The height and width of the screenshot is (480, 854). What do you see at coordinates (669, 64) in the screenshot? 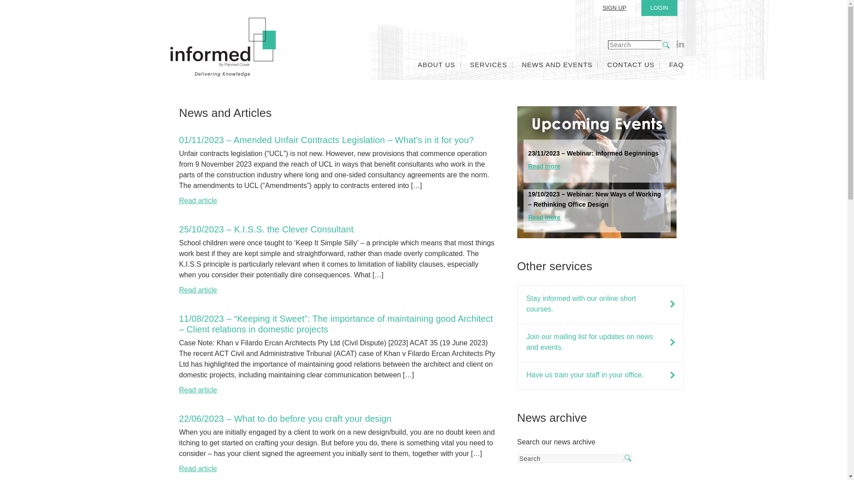
I see `'FAQ'` at bounding box center [669, 64].